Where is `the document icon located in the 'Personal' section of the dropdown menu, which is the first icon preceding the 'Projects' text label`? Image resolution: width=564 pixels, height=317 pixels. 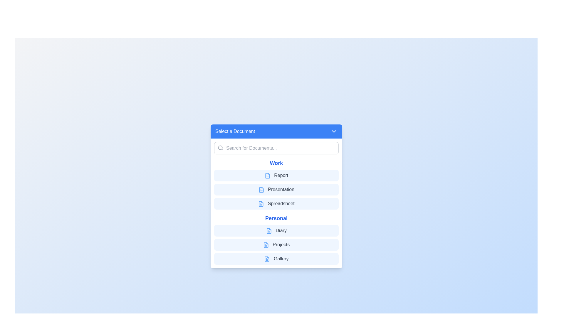 the document icon located in the 'Personal' section of the dropdown menu, which is the first icon preceding the 'Projects' text label is located at coordinates (266, 245).